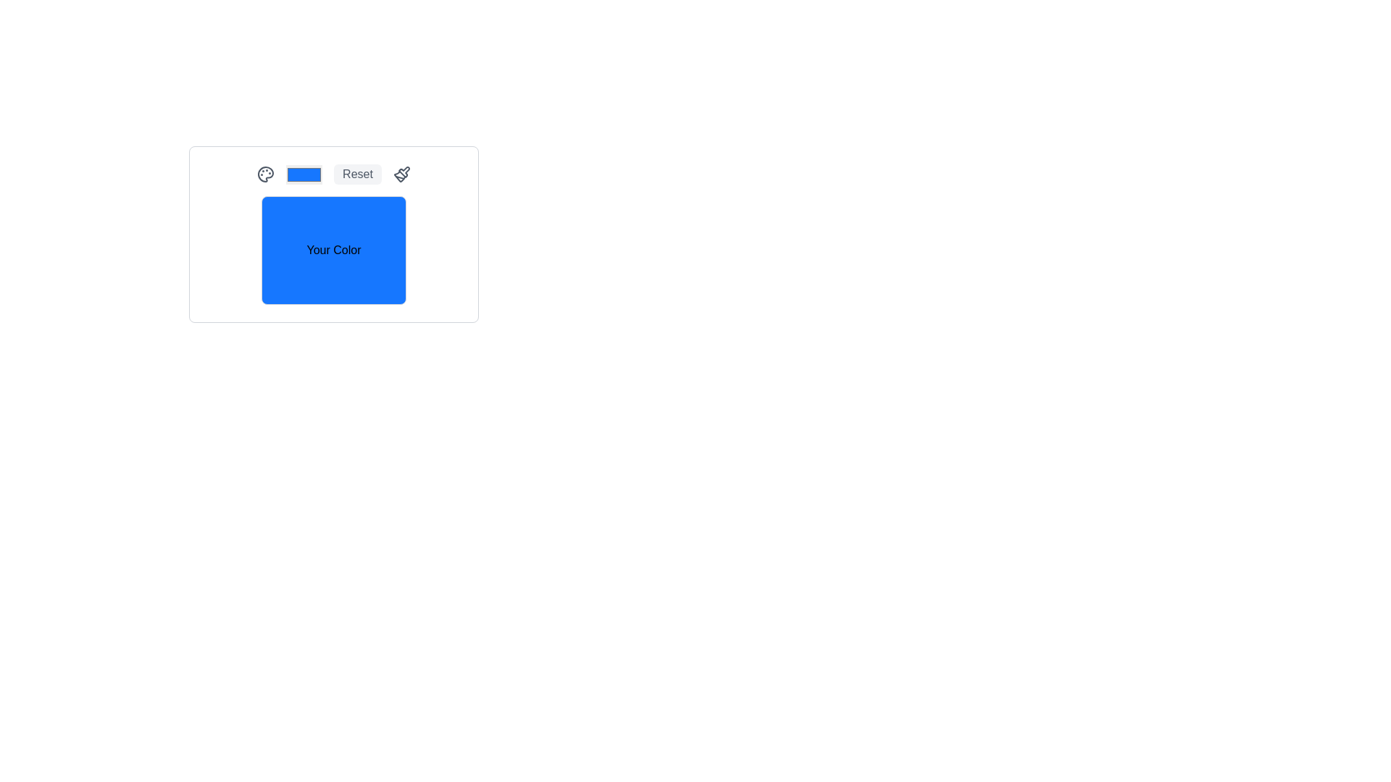  I want to click on the Color Picker Input, so click(304, 173).